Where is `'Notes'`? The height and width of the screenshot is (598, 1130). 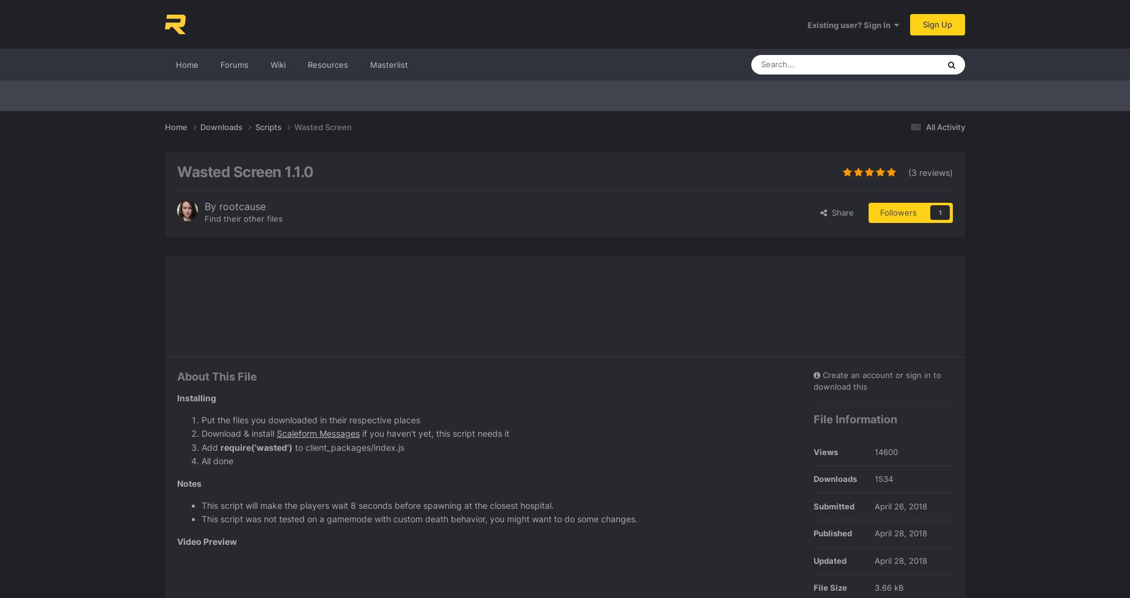
'Notes' is located at coordinates (189, 482).